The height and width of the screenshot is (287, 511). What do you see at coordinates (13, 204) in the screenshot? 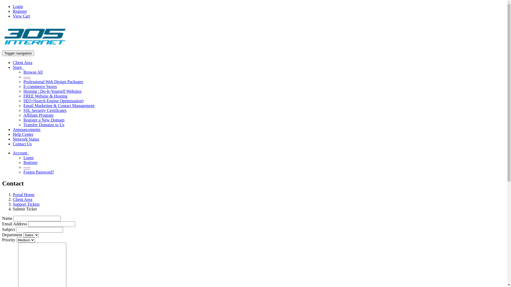
I see `'Support Tickets'` at bounding box center [13, 204].